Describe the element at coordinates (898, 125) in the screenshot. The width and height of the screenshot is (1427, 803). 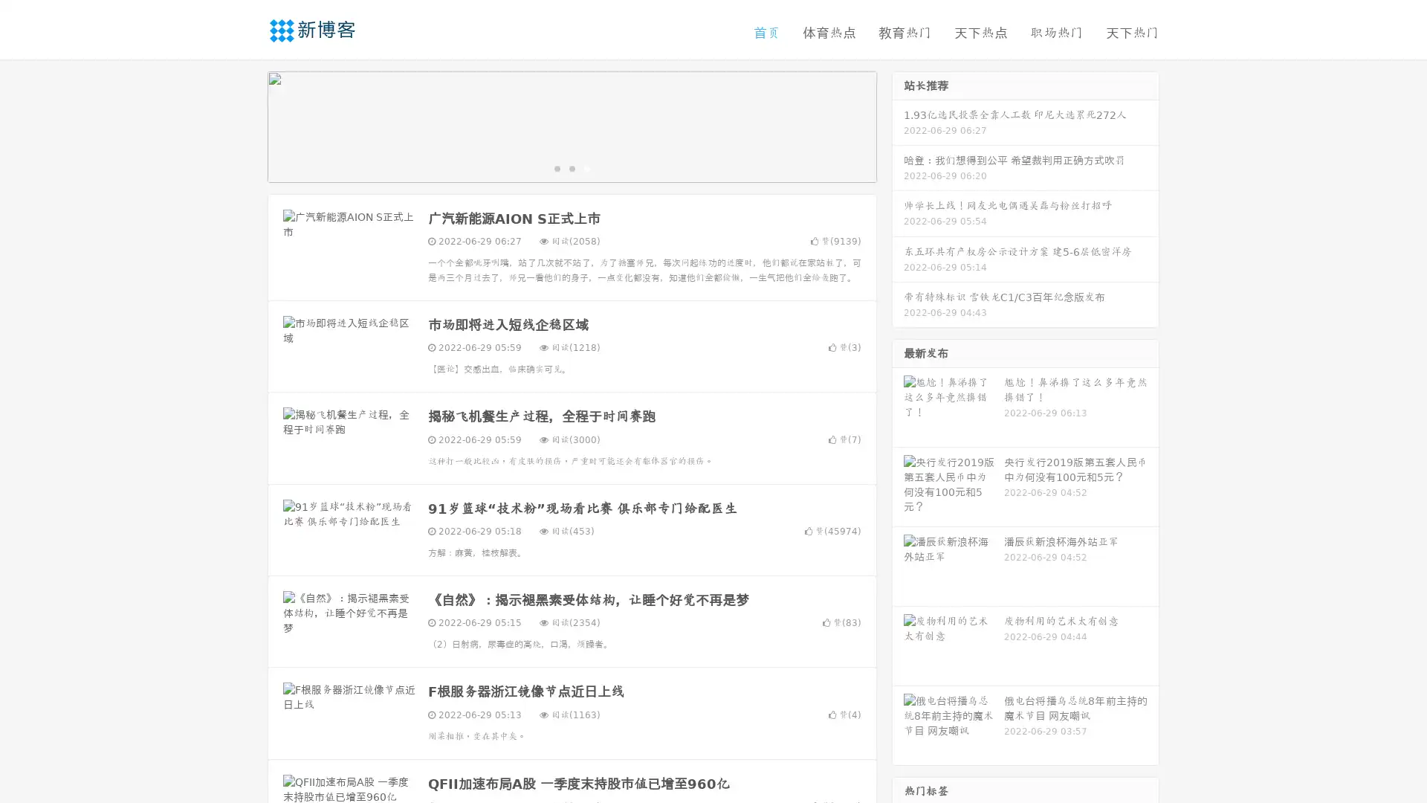
I see `Next slide` at that location.